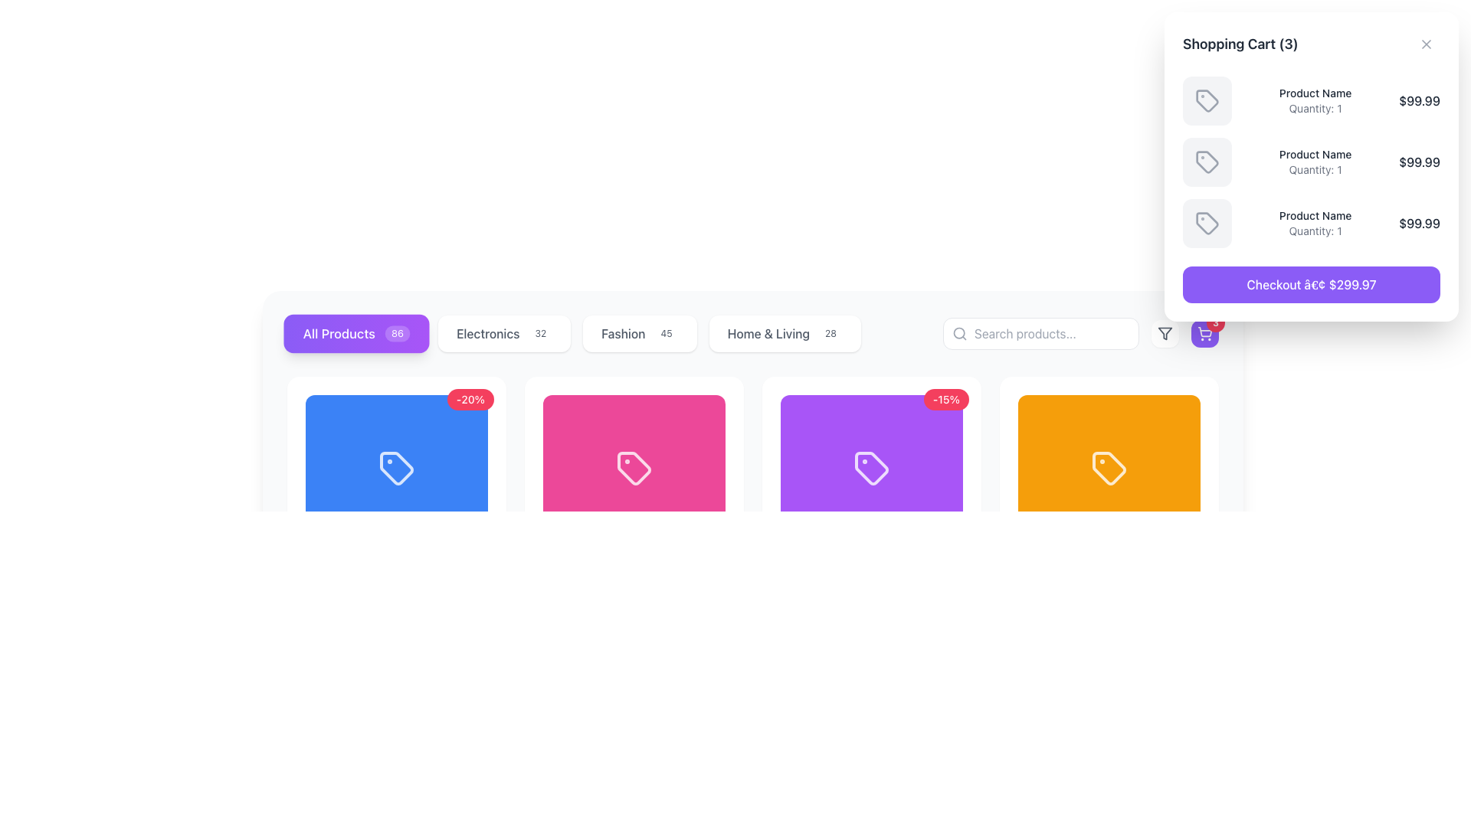  I want to click on the product tag icon located in the middle of the second row of the product grid layout, which is positioned within a purple card and is flanked by an orange card on the right and a pink card on the left, so click(871, 468).